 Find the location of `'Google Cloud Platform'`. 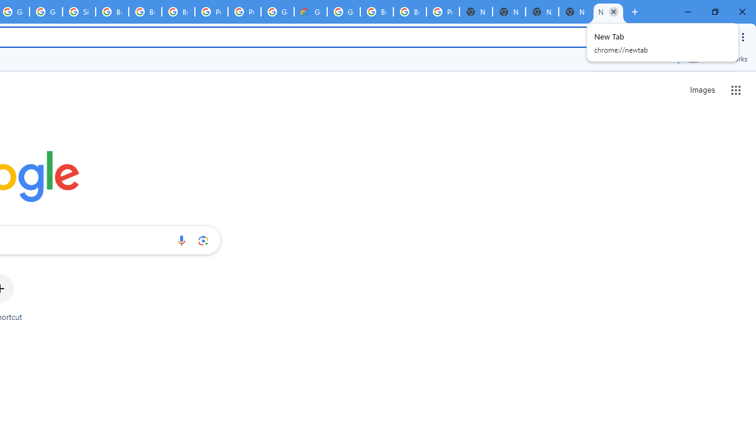

'Google Cloud Platform' is located at coordinates (343, 12).